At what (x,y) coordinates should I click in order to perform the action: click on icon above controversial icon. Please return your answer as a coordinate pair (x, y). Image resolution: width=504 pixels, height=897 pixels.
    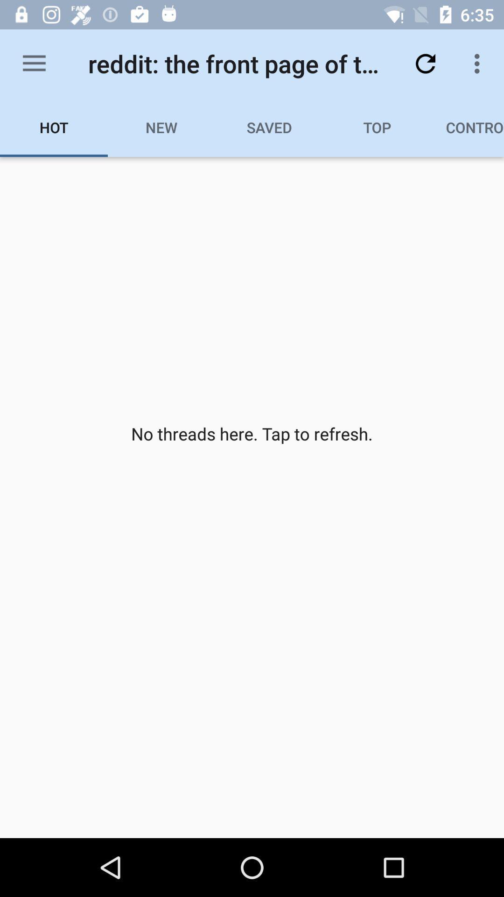
    Looking at the image, I should click on (479, 63).